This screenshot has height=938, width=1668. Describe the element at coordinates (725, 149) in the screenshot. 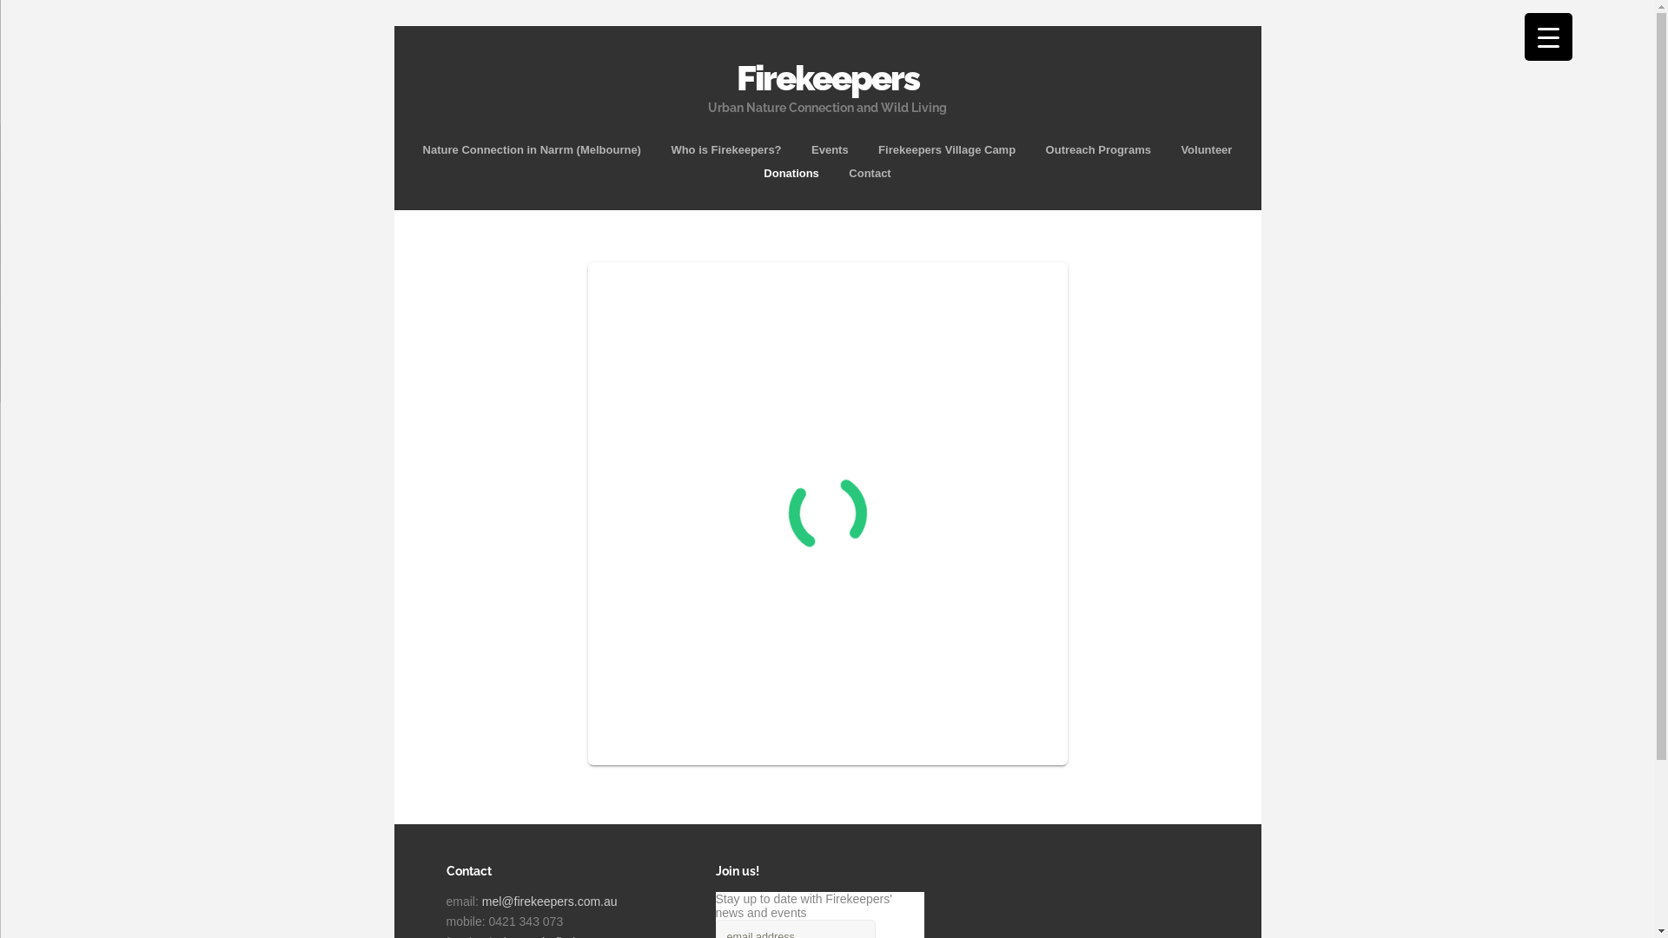

I see `'Who is Firekeepers?'` at that location.